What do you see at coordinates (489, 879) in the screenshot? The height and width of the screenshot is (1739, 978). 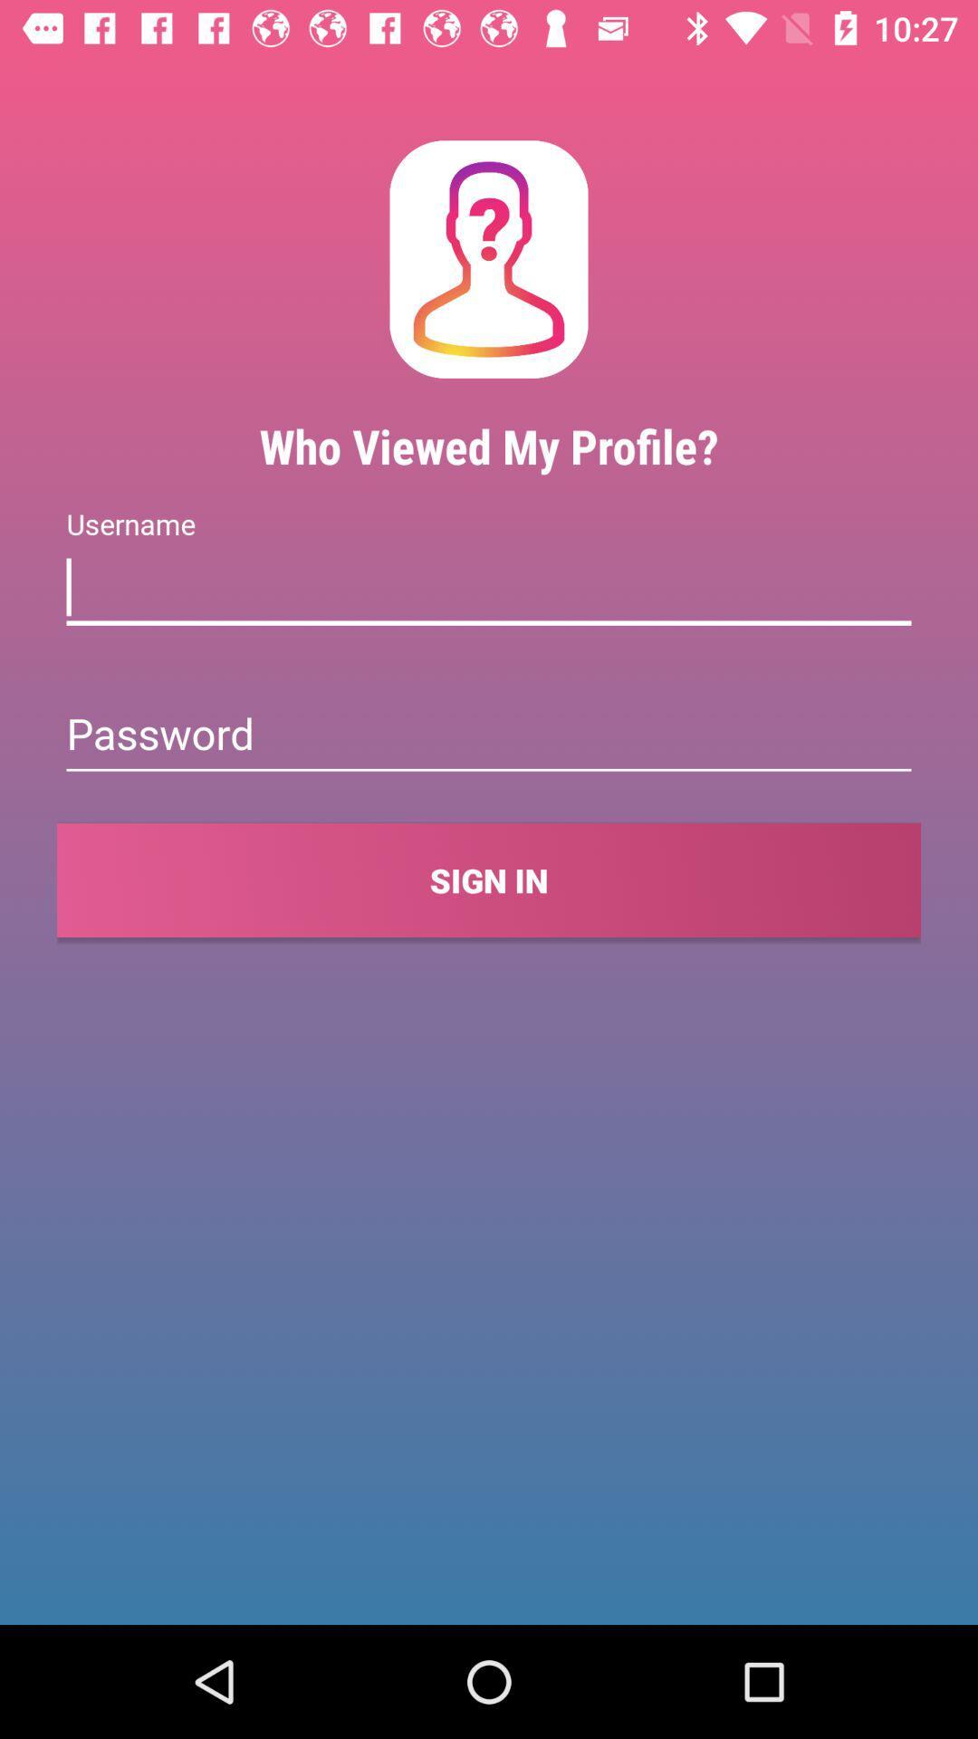 I see `the sign in item` at bounding box center [489, 879].